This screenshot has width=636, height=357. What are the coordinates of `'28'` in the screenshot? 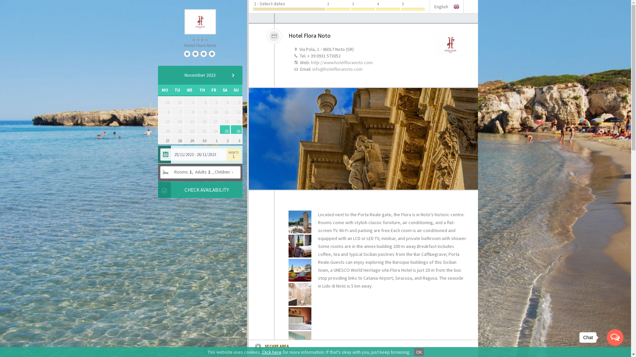 It's located at (178, 139).